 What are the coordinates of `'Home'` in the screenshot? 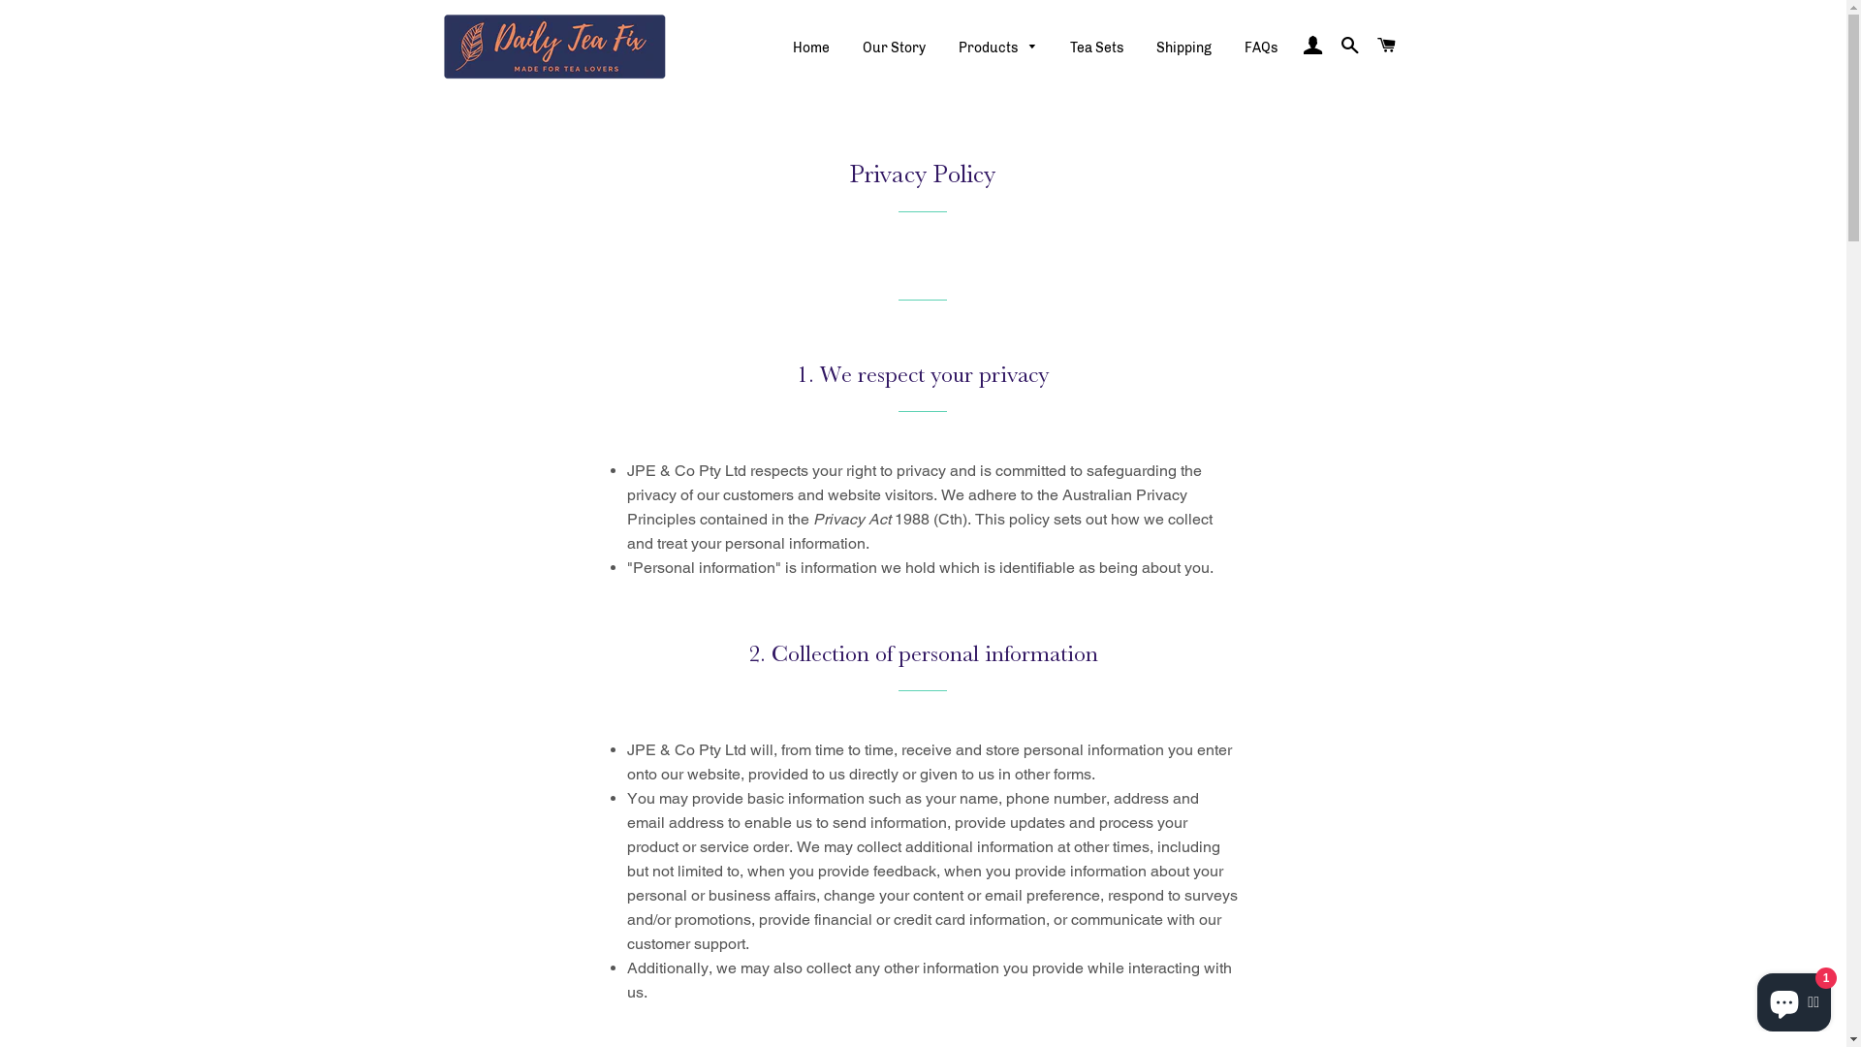 It's located at (810, 48).